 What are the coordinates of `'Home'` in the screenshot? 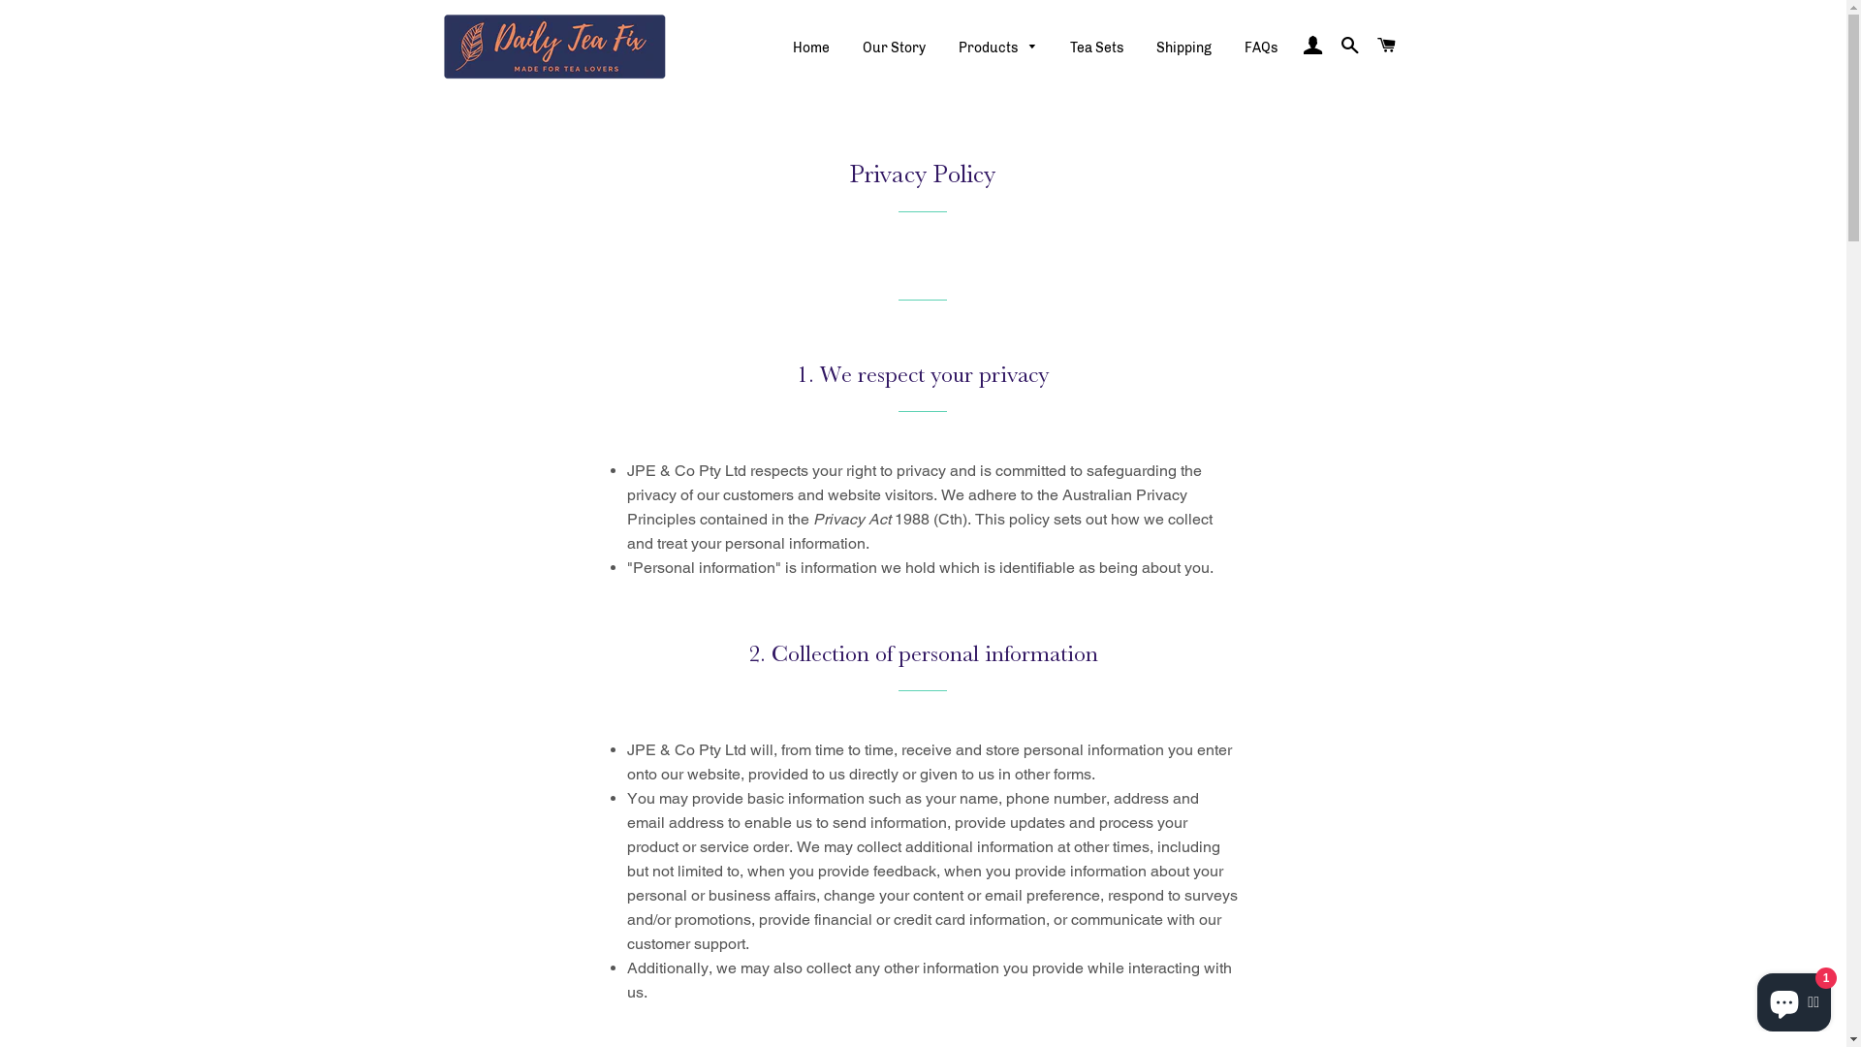 It's located at (810, 48).